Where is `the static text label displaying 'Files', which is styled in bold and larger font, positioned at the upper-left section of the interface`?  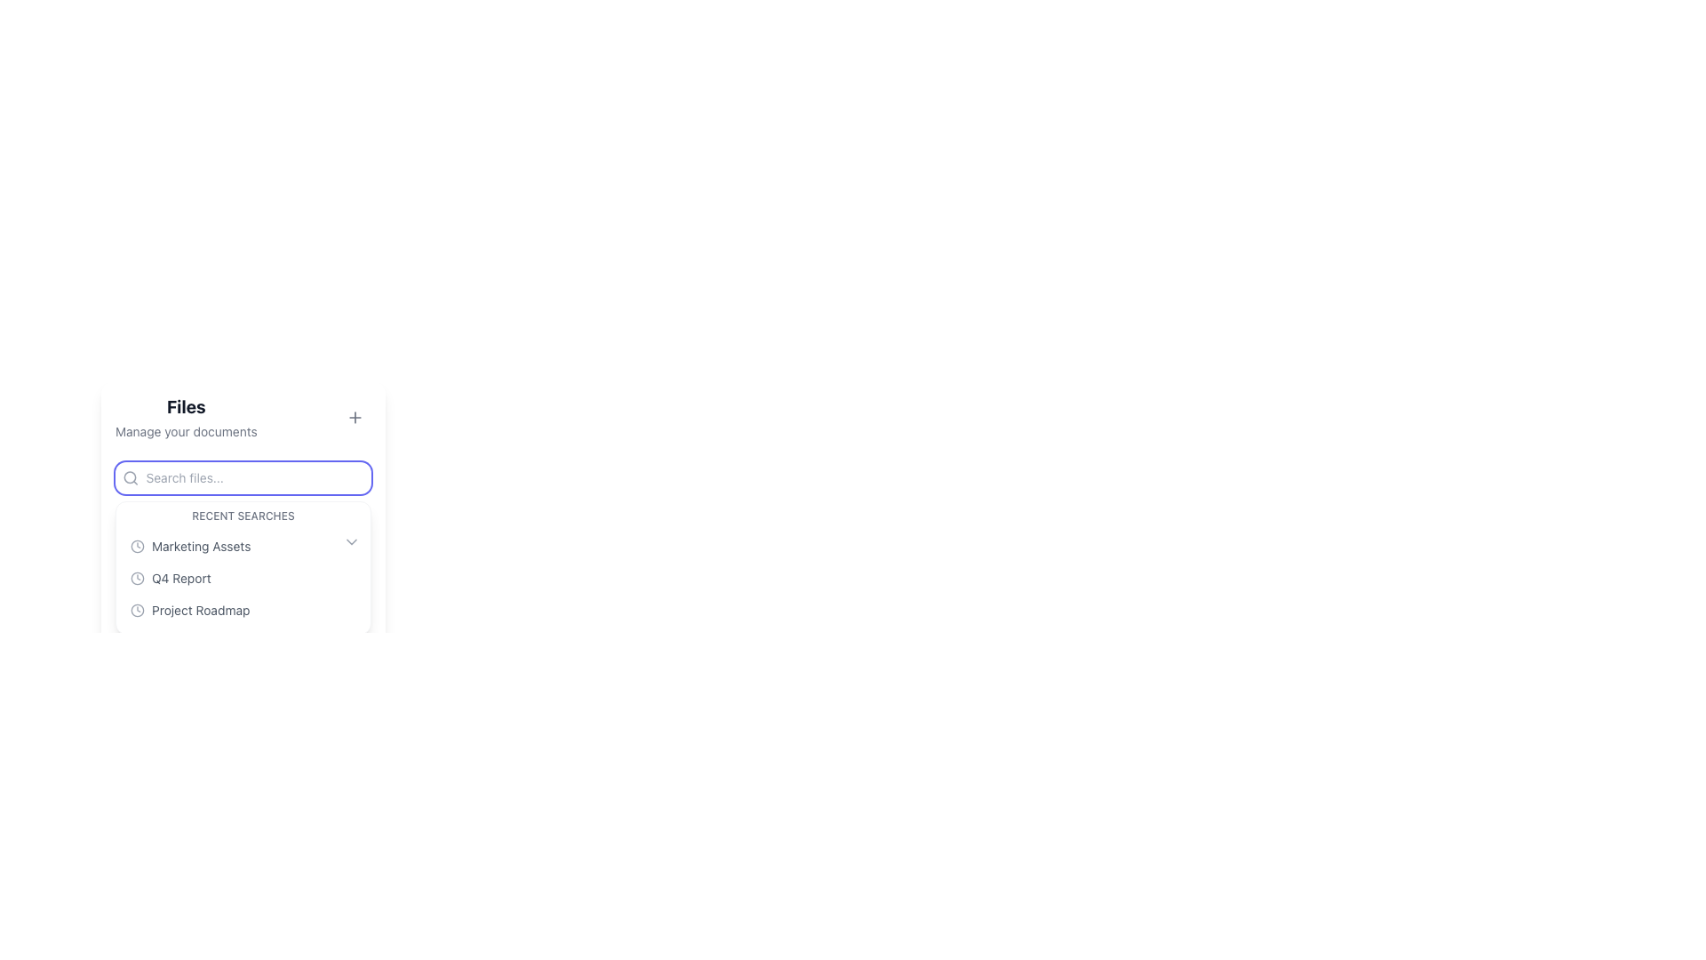
the static text label displaying 'Files', which is styled in bold and larger font, positioned at the upper-left section of the interface is located at coordinates (186, 407).